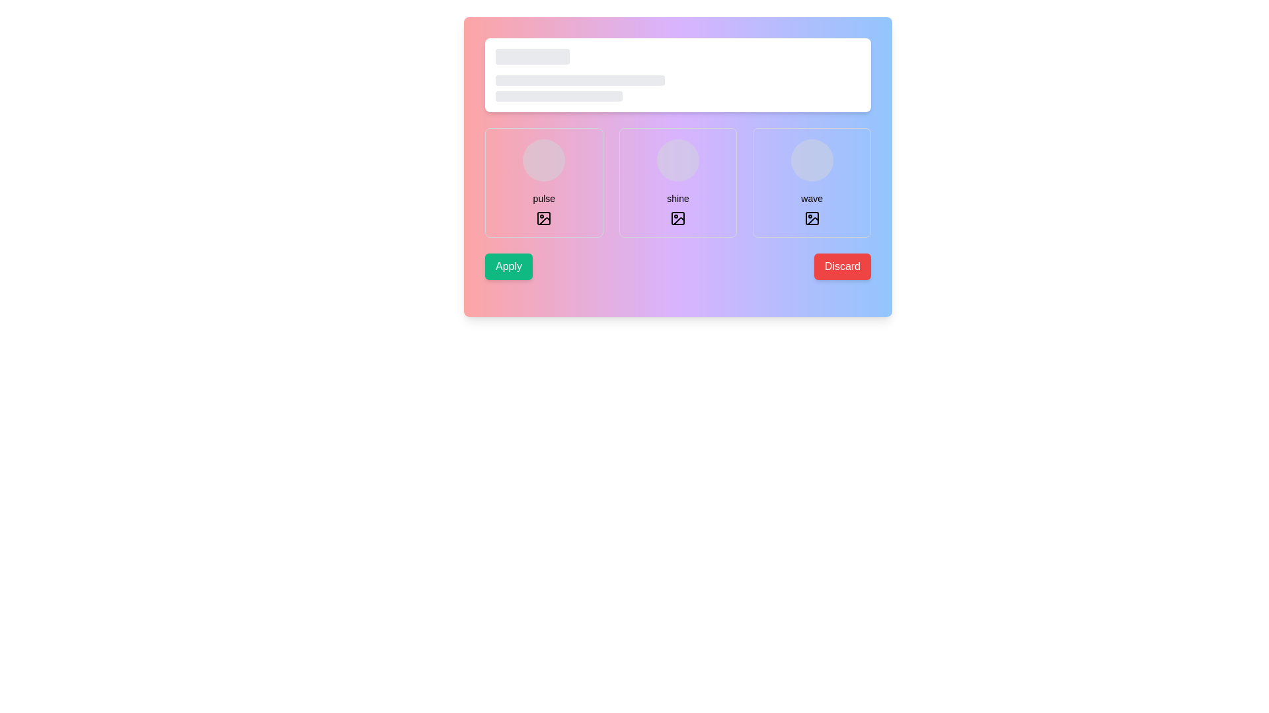 The image size is (1269, 713). I want to click on the 'shine' option card, which is the center card in a grid layout between 'pulse' and 'wave', to select it for further actions, so click(678, 183).